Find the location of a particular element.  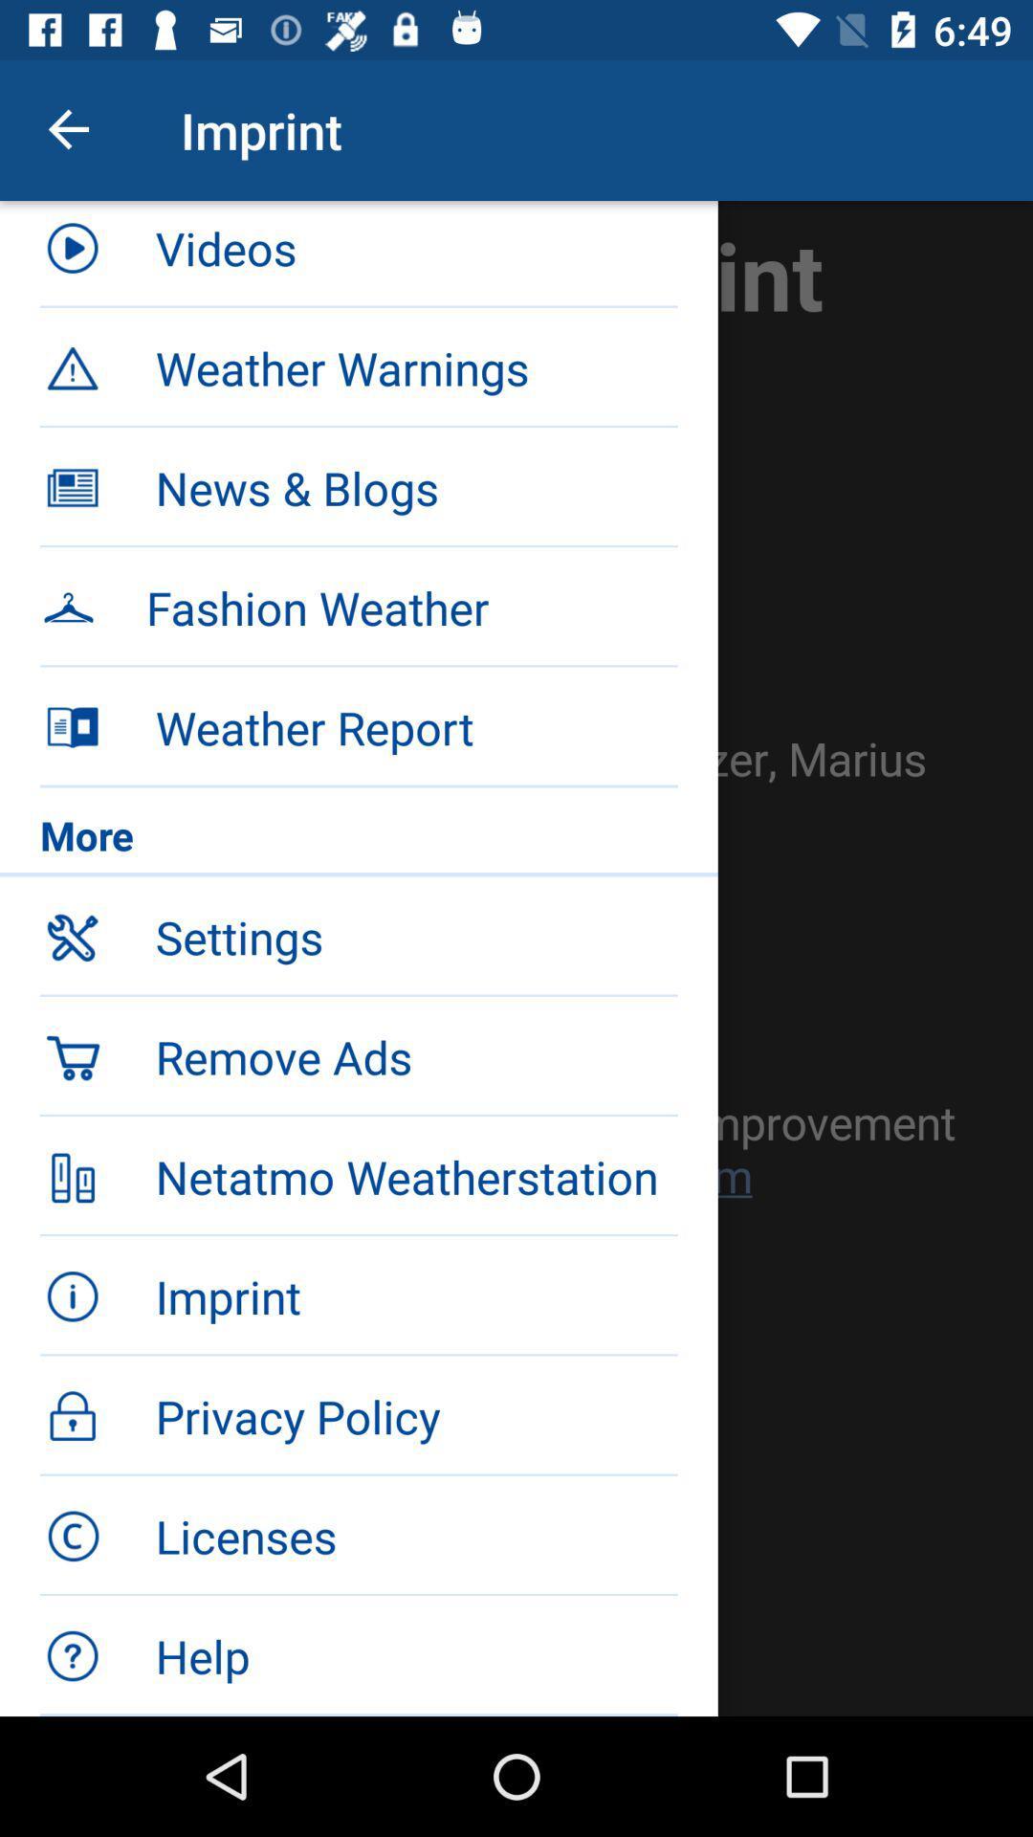

icon above more icon is located at coordinates (415, 726).